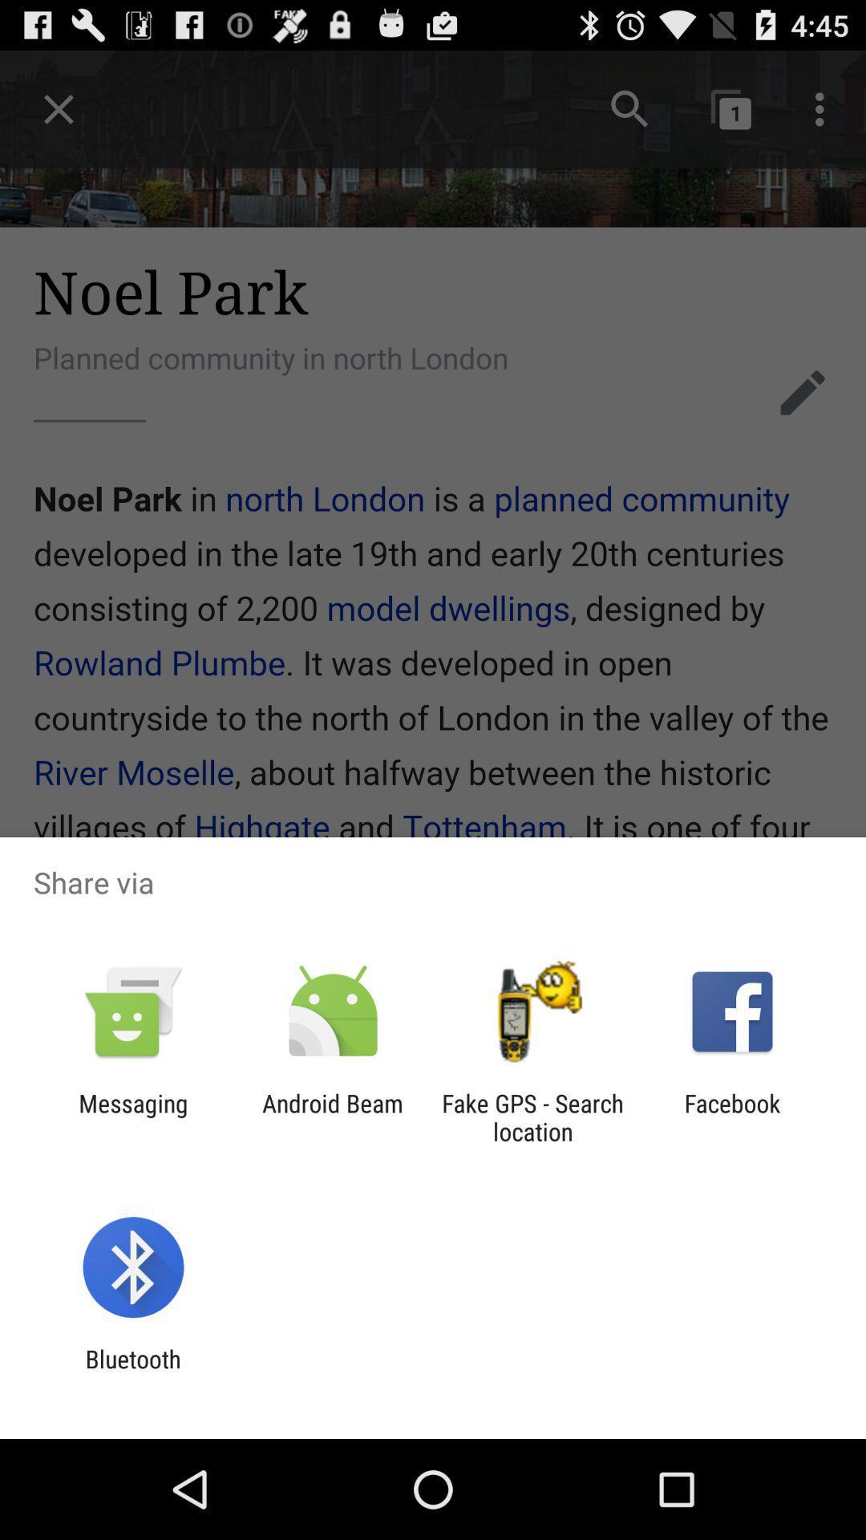 Image resolution: width=866 pixels, height=1540 pixels. What do you see at coordinates (332, 1116) in the screenshot?
I see `android beam icon` at bounding box center [332, 1116].